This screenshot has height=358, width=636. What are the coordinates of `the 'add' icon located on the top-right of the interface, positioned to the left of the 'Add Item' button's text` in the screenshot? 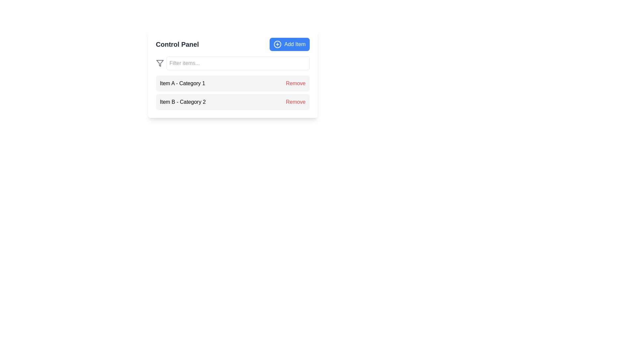 It's located at (278, 44).